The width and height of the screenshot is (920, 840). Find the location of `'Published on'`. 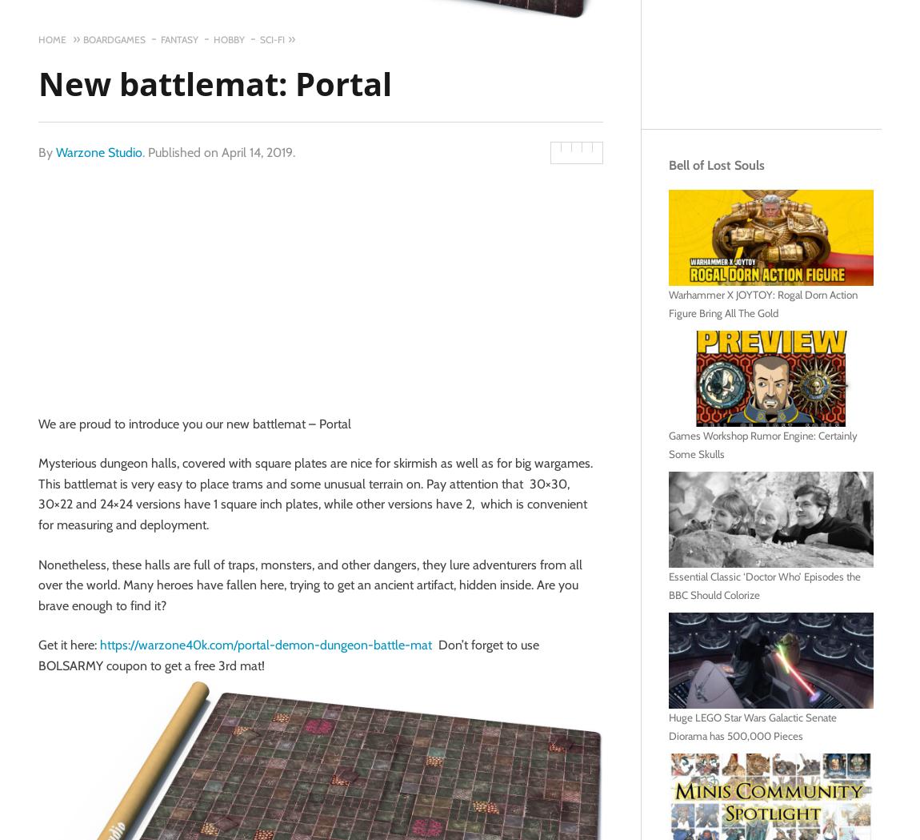

'Published on' is located at coordinates (184, 151).